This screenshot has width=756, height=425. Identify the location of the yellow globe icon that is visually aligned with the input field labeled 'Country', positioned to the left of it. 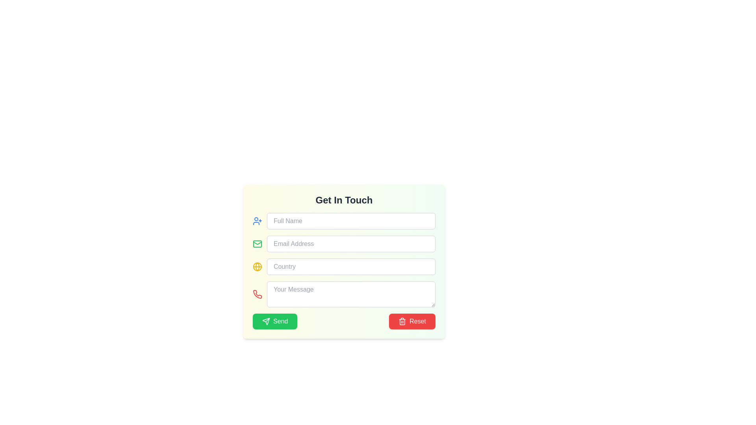
(257, 266).